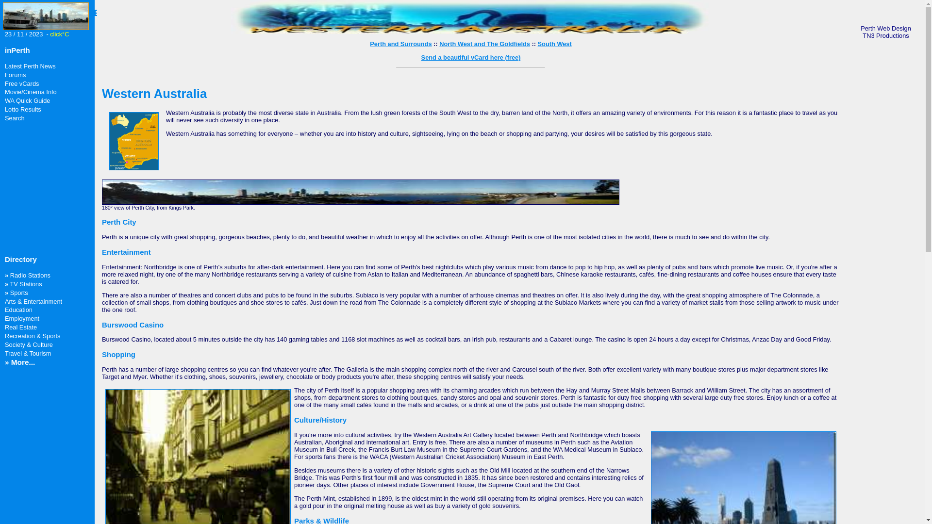 Image resolution: width=932 pixels, height=524 pixels. What do you see at coordinates (484, 44) in the screenshot?
I see `'North West and The Goldfields'` at bounding box center [484, 44].